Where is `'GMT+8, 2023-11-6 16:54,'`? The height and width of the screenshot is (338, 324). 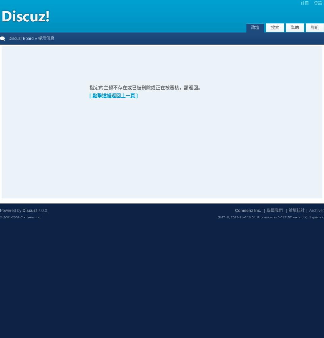
'GMT+8, 2023-11-6 16:54,' is located at coordinates (237, 217).